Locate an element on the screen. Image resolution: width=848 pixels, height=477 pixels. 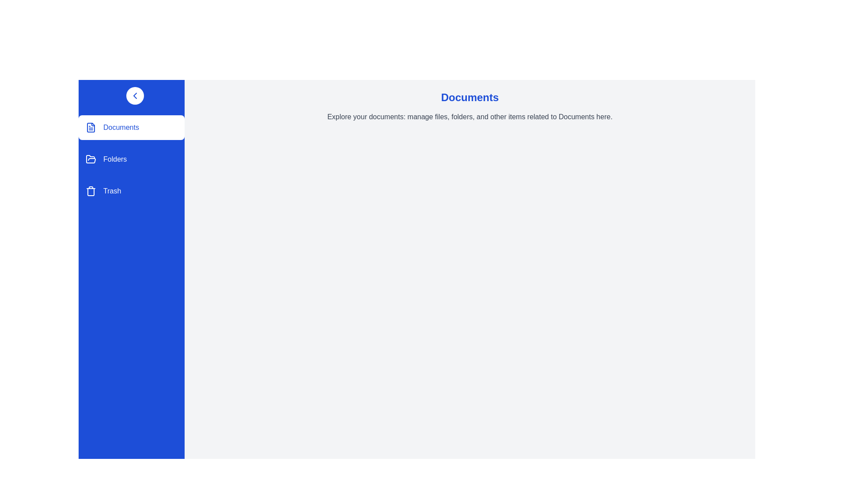
the Documents section from the menu is located at coordinates (131, 128).